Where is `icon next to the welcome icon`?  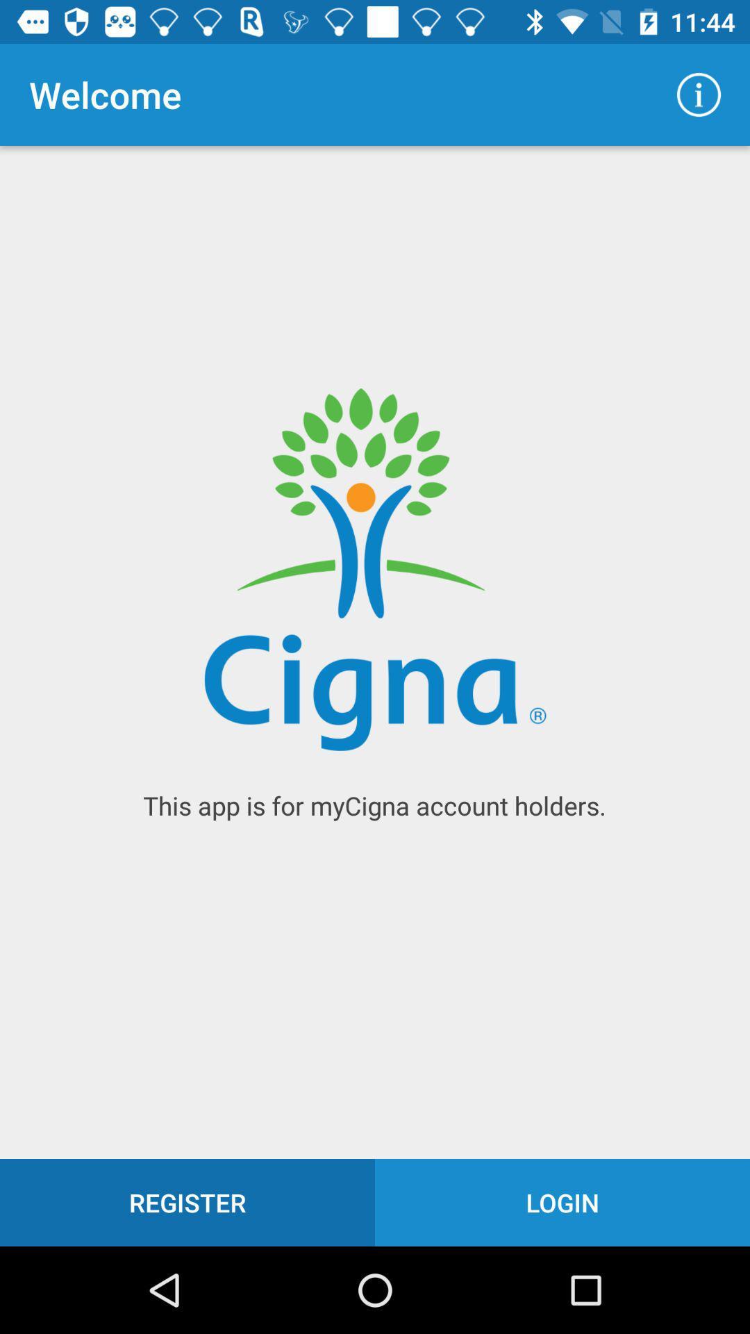 icon next to the welcome icon is located at coordinates (699, 94).